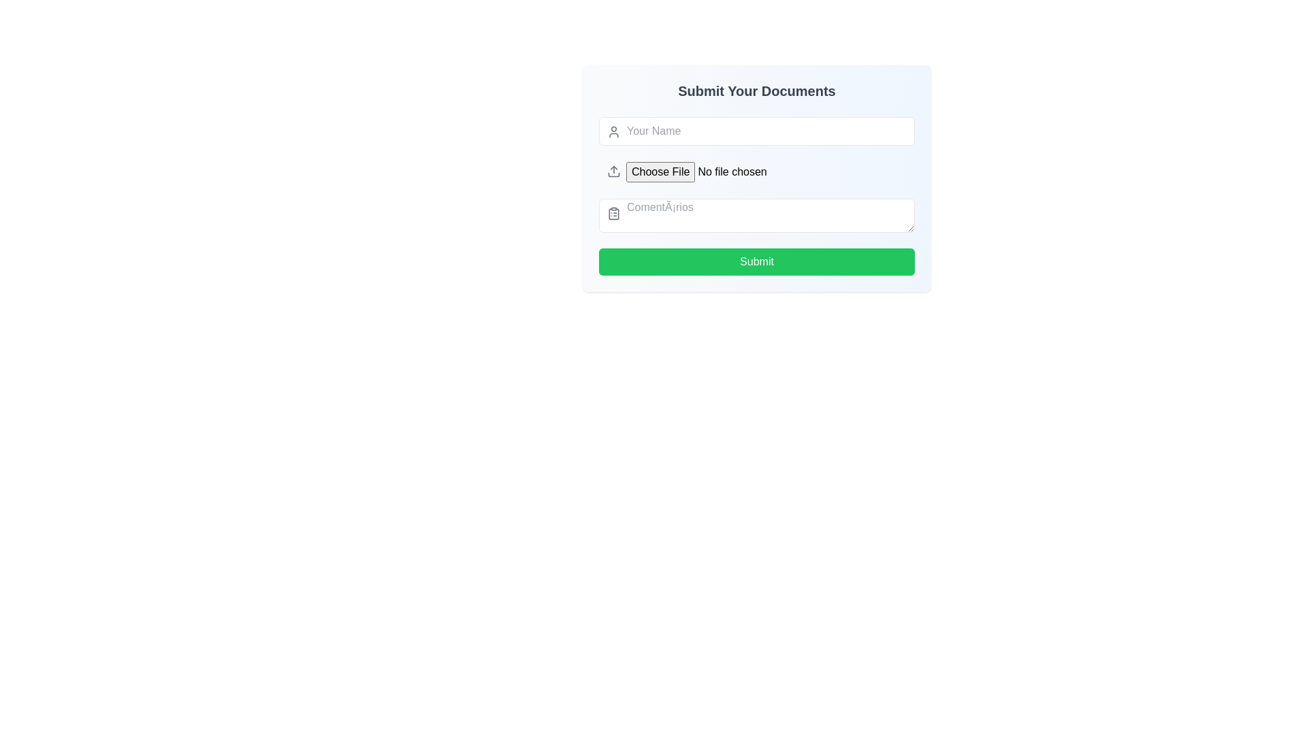 Image resolution: width=1307 pixels, height=735 pixels. What do you see at coordinates (613, 131) in the screenshot?
I see `the icon that indicates user information, which is located to the left of the input field labeled 'Your Name'` at bounding box center [613, 131].